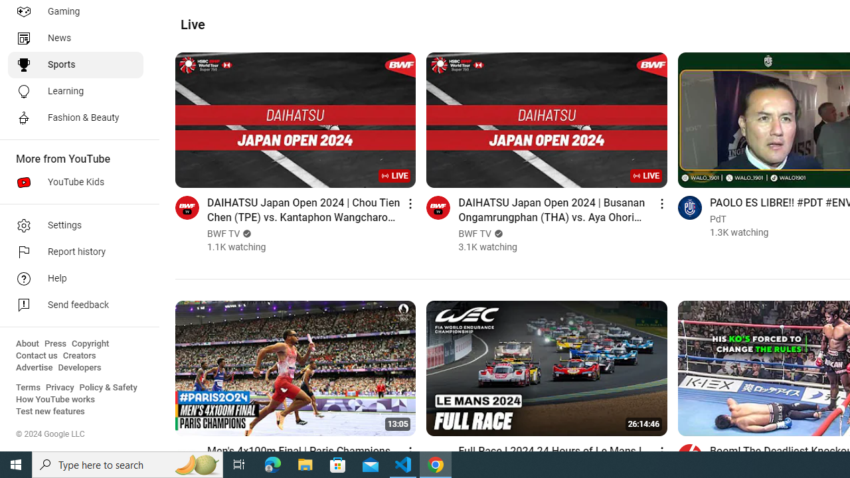 This screenshot has width=850, height=478. What do you see at coordinates (74, 64) in the screenshot?
I see `'Sports'` at bounding box center [74, 64].